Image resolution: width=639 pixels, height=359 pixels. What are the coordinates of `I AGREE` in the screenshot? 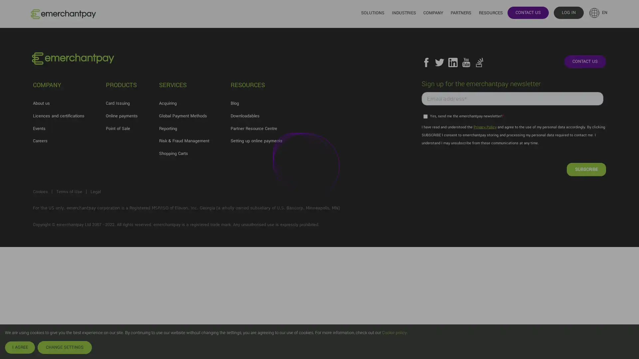 It's located at (20, 347).